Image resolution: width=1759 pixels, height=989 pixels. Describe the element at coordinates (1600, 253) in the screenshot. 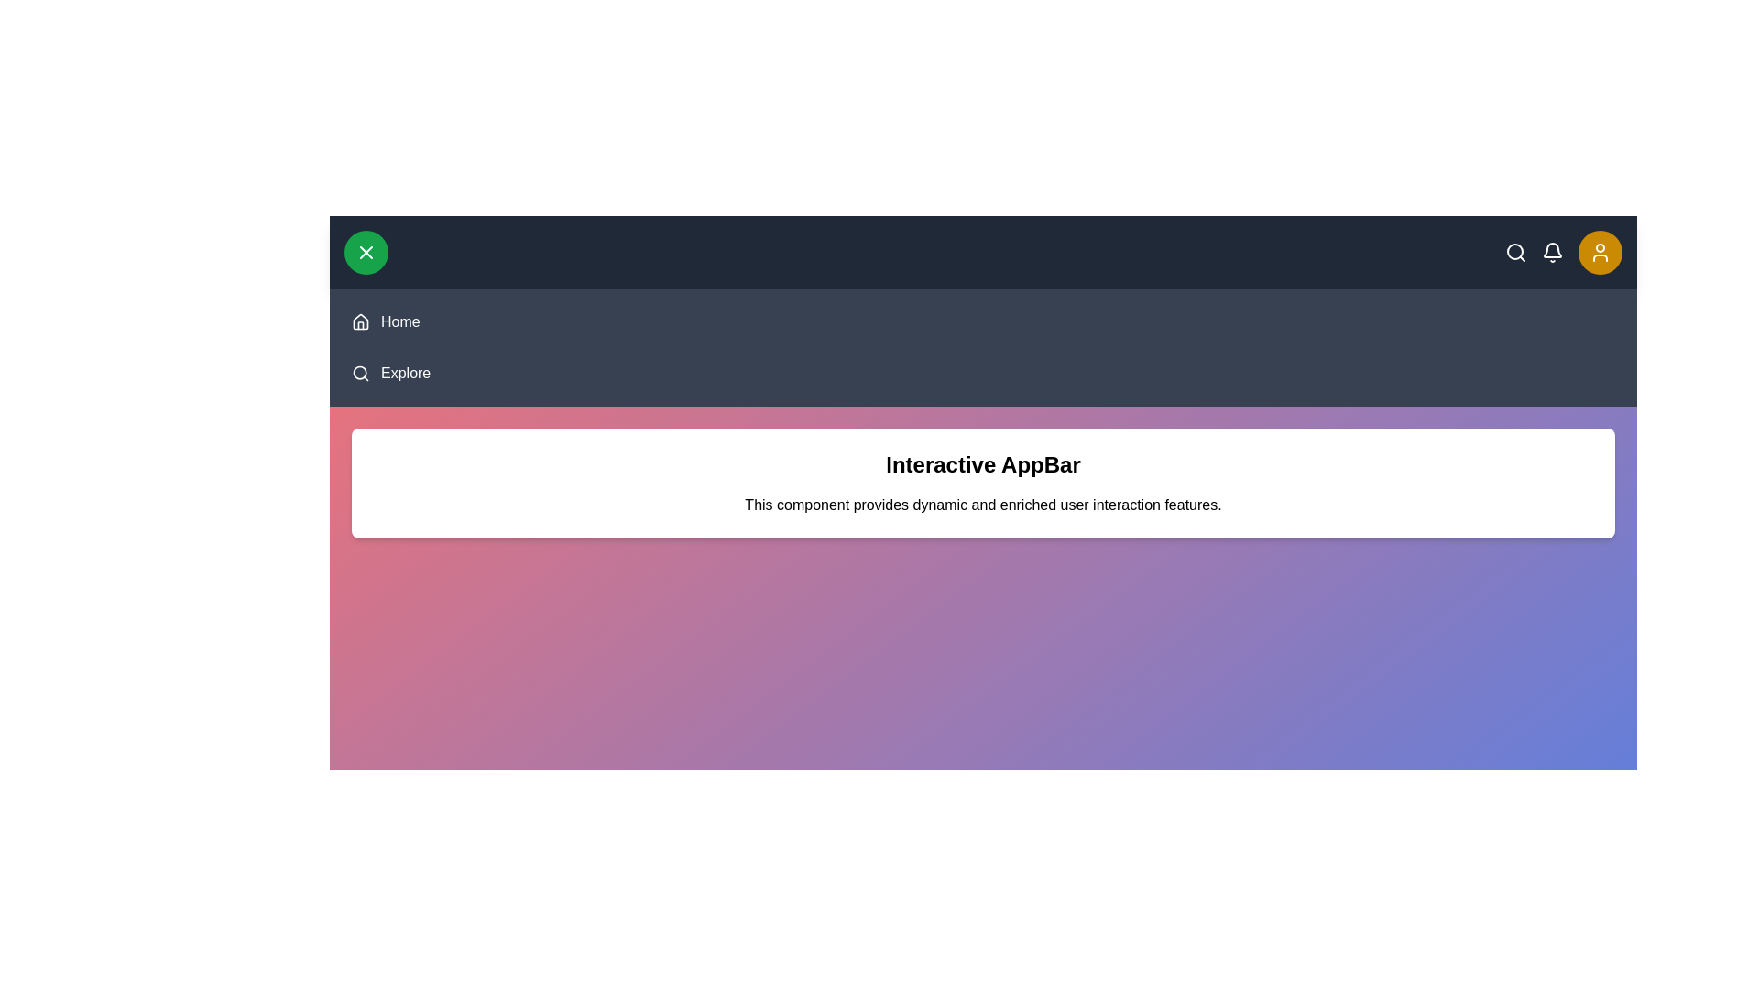

I see `yellow button in the top-right corner to toggle the profile menu` at that location.